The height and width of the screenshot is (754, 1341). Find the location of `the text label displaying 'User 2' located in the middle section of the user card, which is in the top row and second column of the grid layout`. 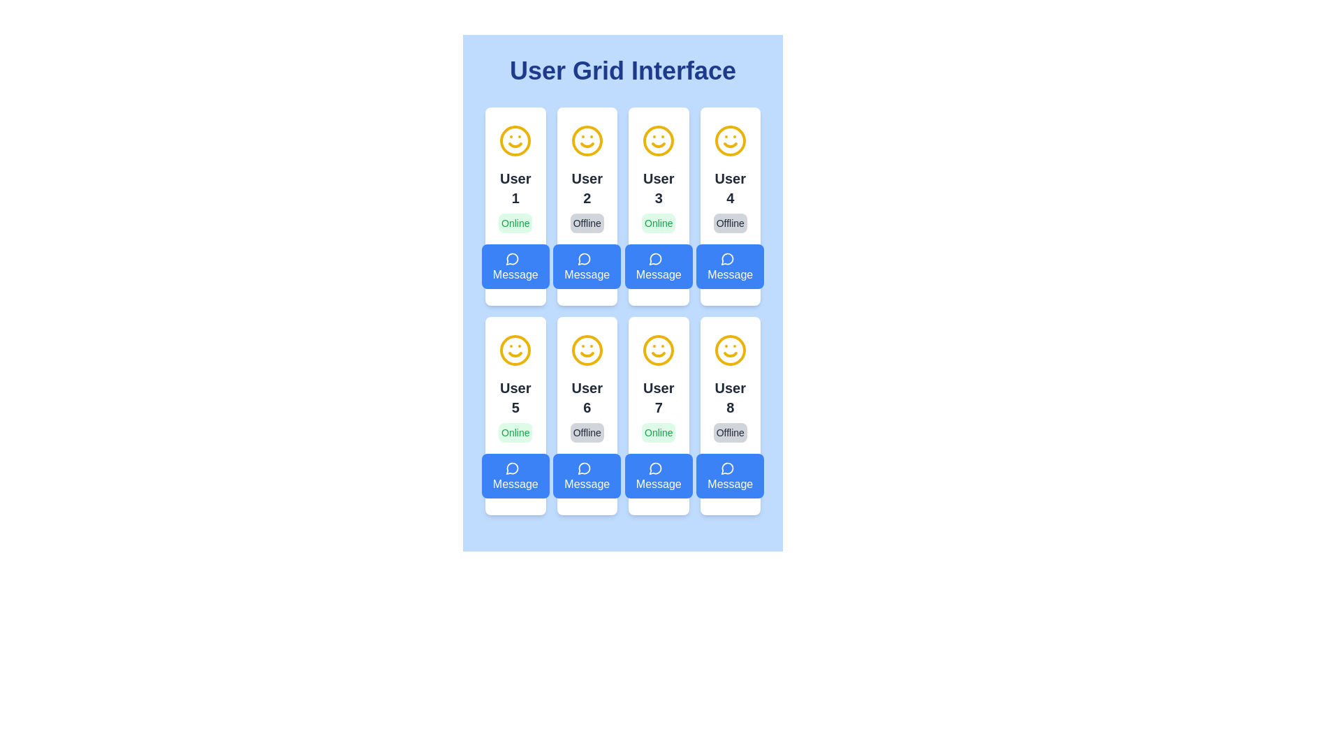

the text label displaying 'User 2' located in the middle section of the user card, which is in the top row and second column of the grid layout is located at coordinates (587, 188).